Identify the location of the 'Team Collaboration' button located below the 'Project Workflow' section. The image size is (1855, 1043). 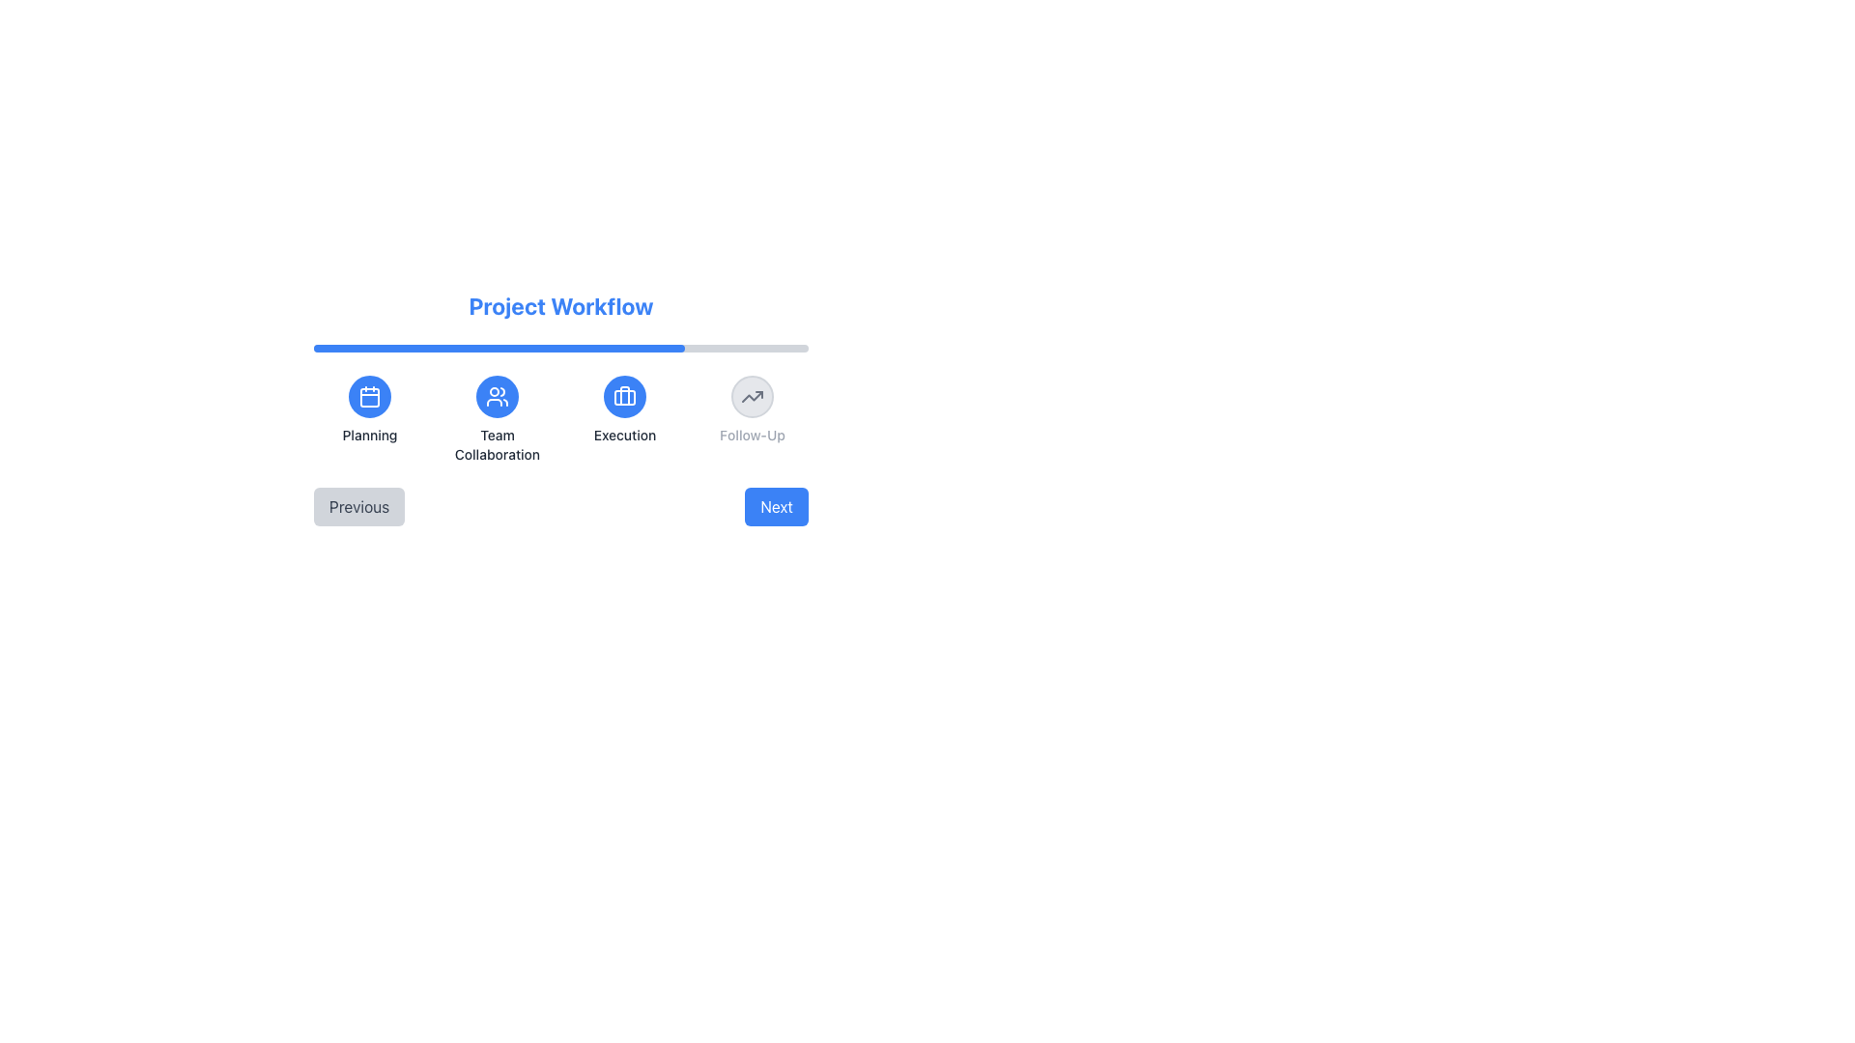
(497, 396).